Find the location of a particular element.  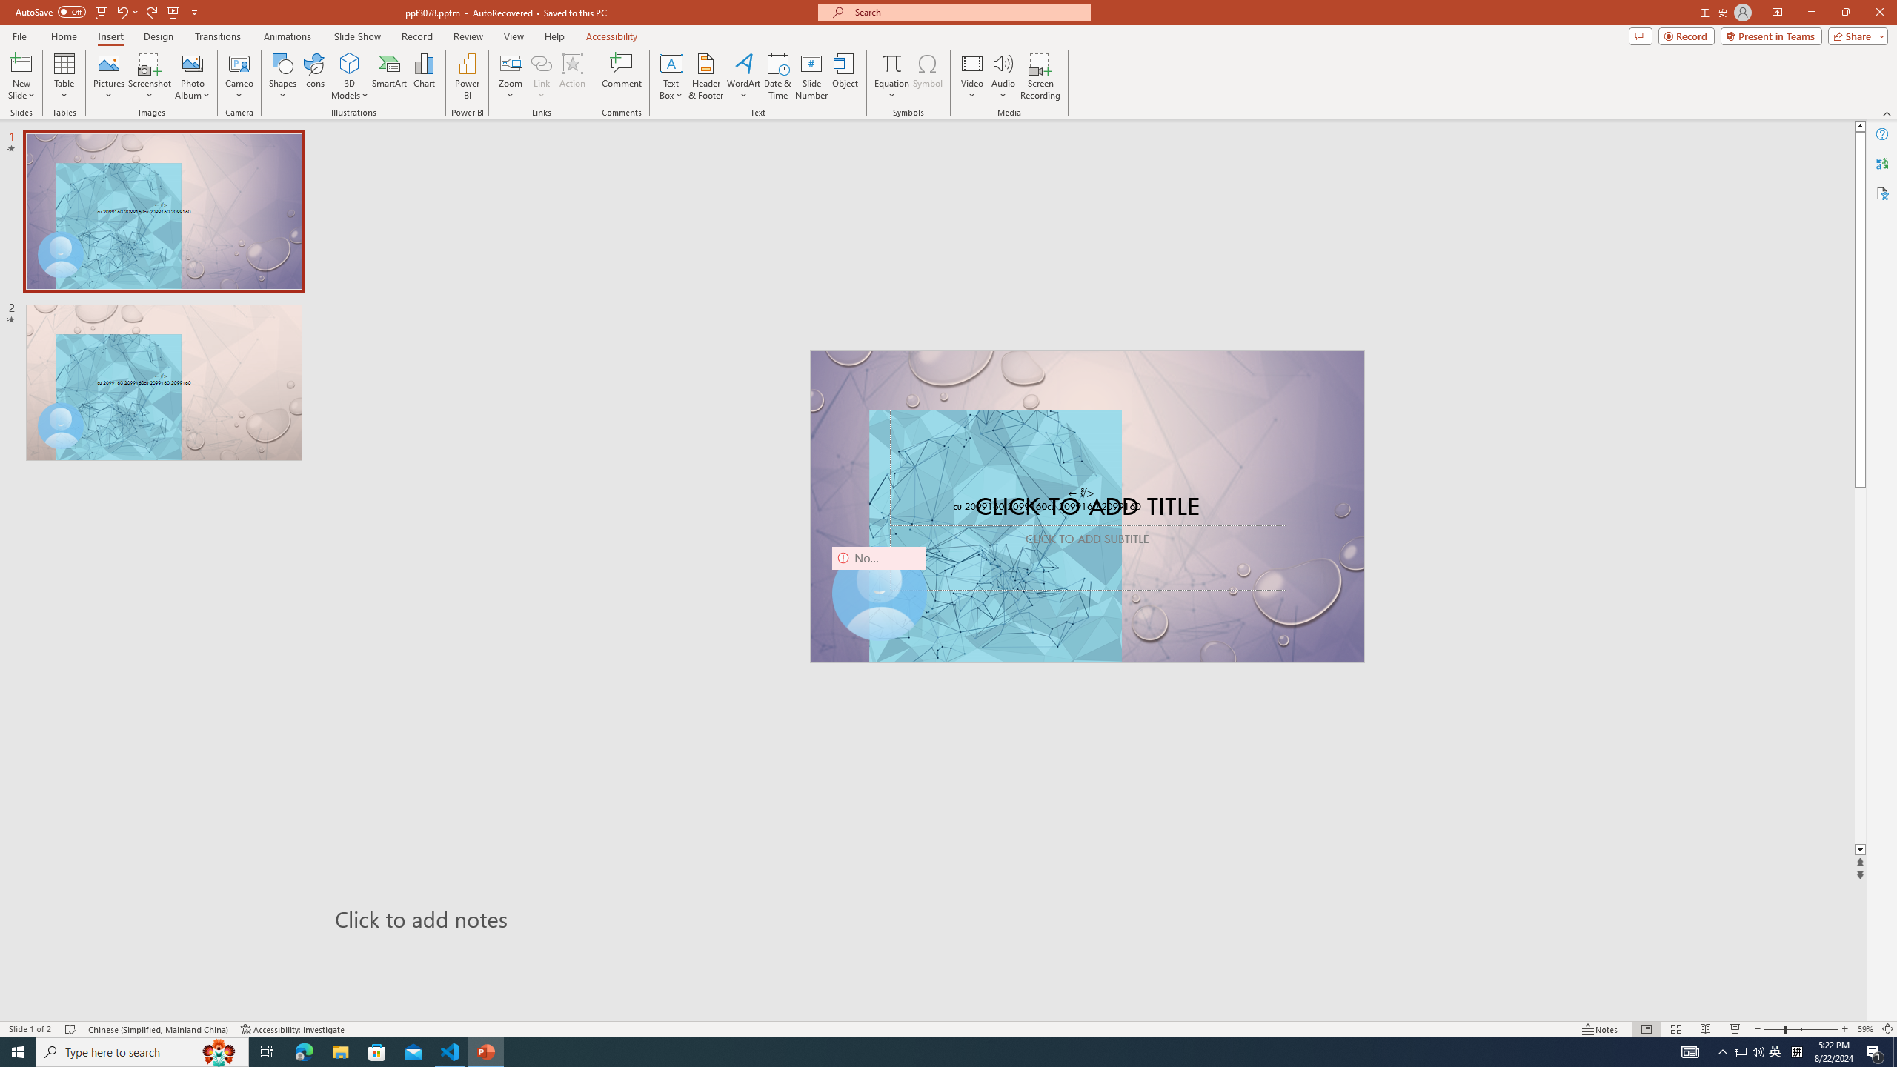

'Pictures' is located at coordinates (108, 76).